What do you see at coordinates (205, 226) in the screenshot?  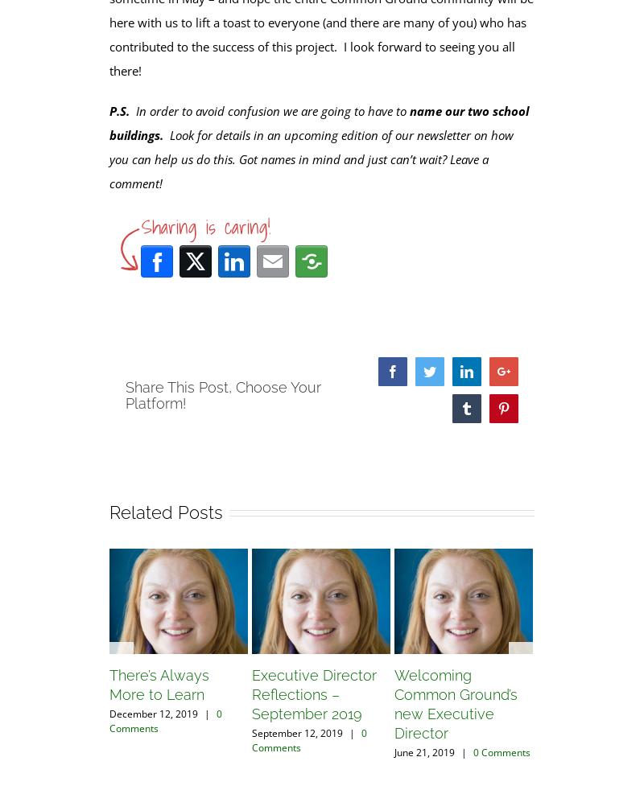 I see `'Sharing is caring!'` at bounding box center [205, 226].